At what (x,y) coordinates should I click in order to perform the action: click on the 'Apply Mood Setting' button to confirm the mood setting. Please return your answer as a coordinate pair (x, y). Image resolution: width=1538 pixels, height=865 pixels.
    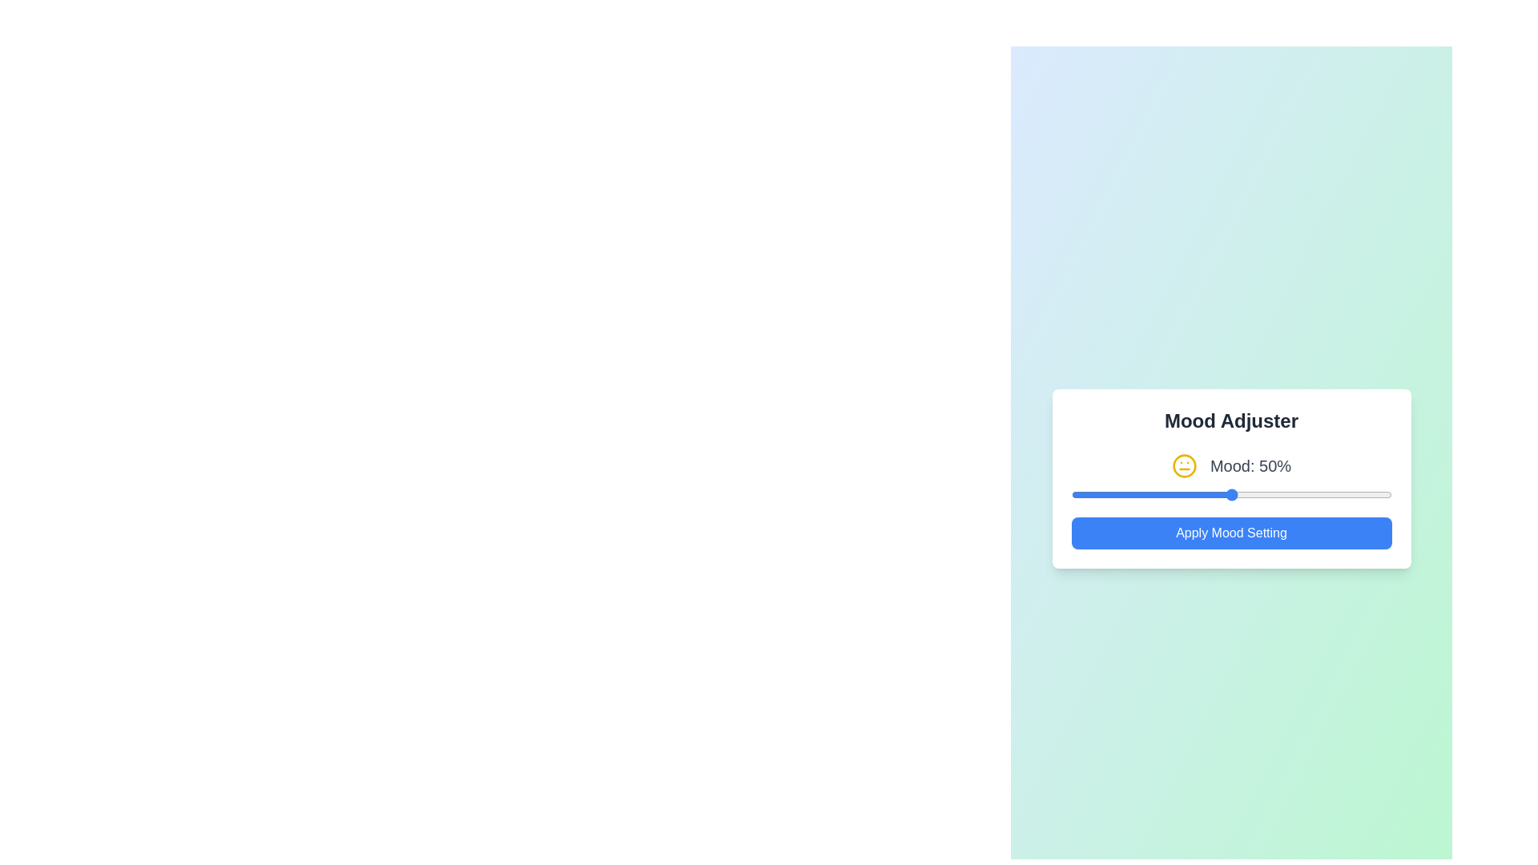
    Looking at the image, I should click on (1230, 533).